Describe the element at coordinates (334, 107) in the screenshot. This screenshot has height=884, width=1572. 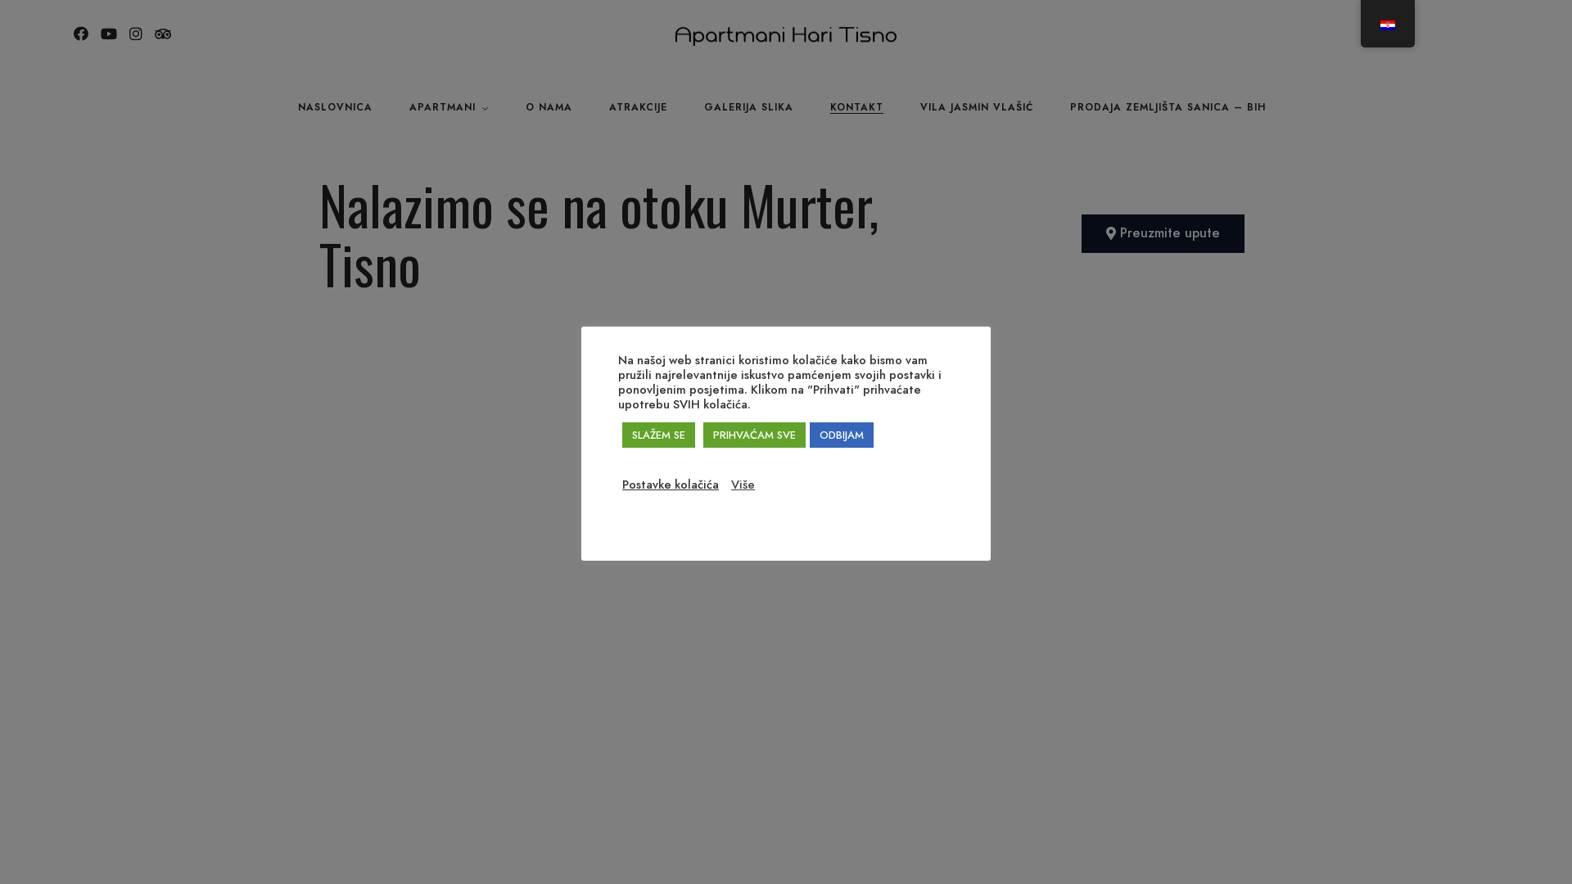
I see `'NASLOVNICA'` at that location.